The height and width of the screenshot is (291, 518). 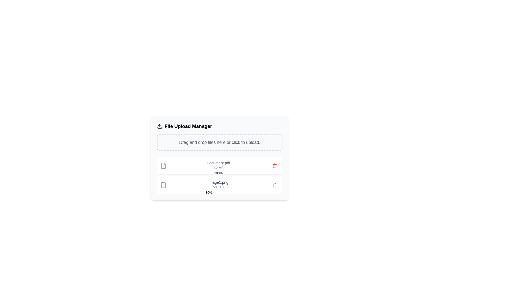 I want to click on the document icon located in the bottom row of the file list next to 'Image1.png', so click(x=163, y=185).